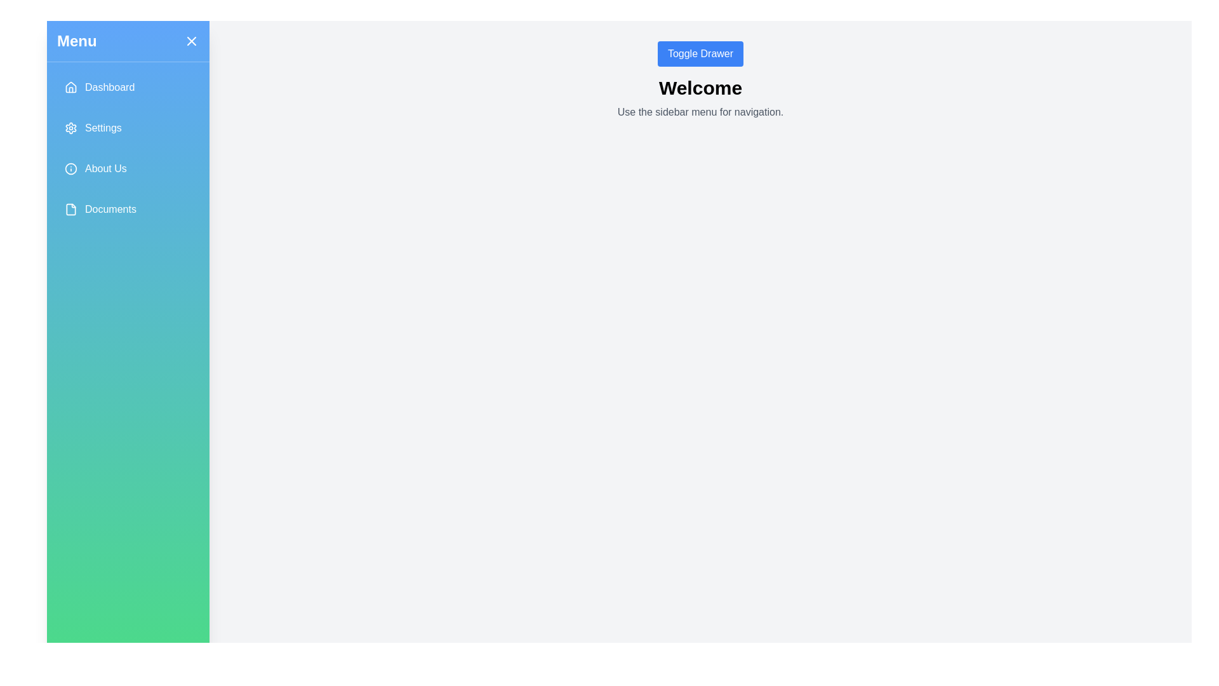  I want to click on the menu item labeled Settings, so click(128, 128).